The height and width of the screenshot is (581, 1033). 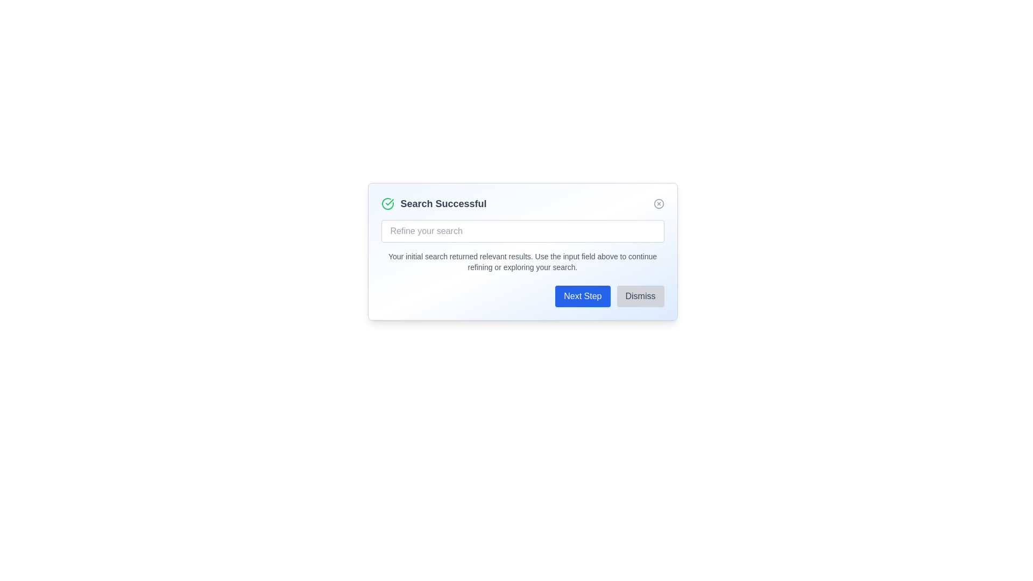 I want to click on the text 'Search Successful' to select it, so click(x=522, y=203).